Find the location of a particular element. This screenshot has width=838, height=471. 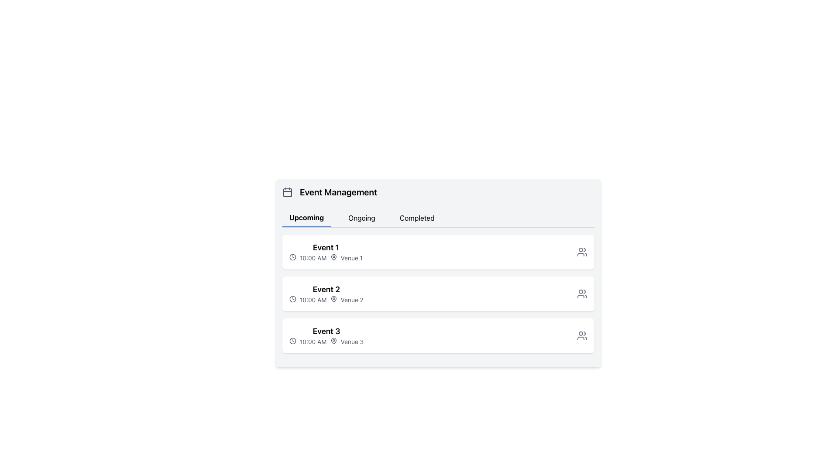

the text label displaying 'Venue 3', which is part of the 'Upcoming' tab in the 'Event Management' section is located at coordinates (352, 341).